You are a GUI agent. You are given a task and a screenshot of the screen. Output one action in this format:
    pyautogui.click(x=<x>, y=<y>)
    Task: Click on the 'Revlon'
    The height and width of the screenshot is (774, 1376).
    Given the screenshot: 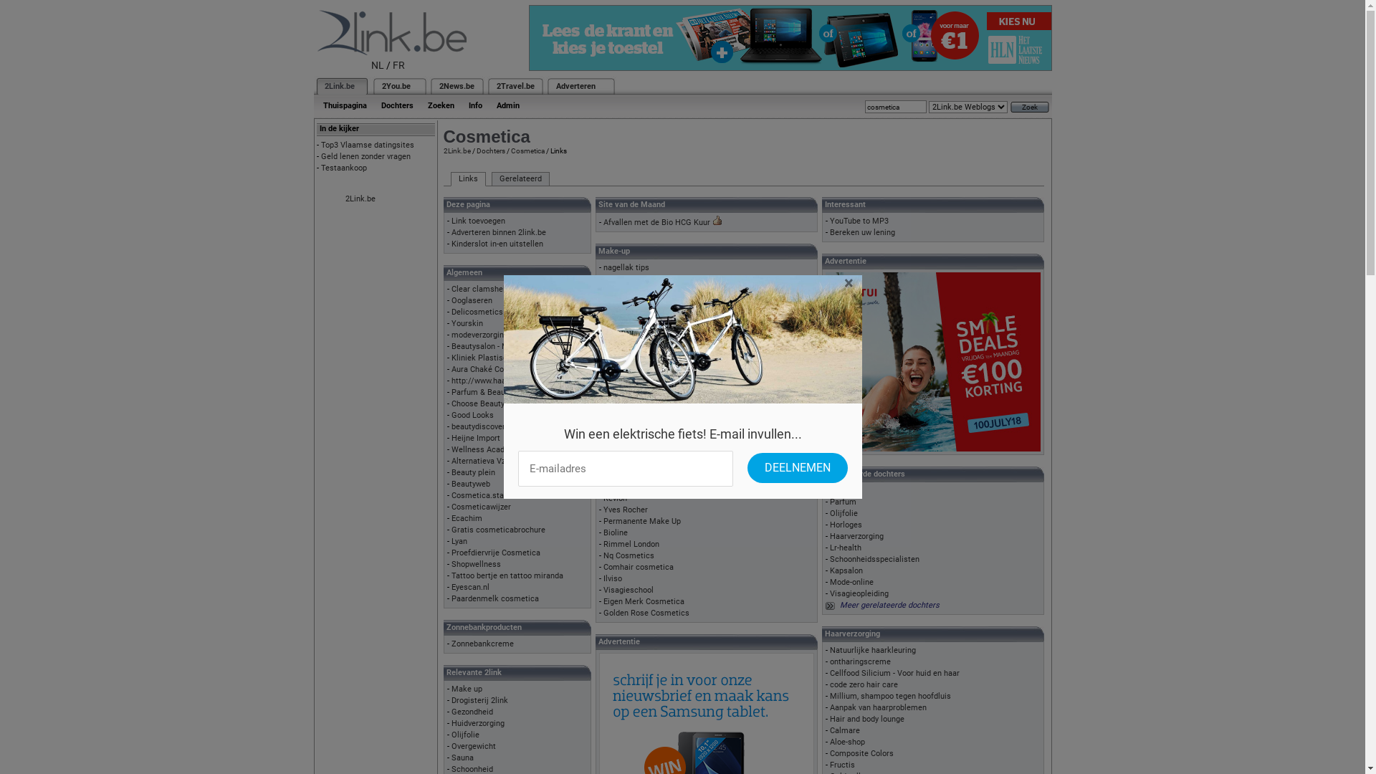 What is the action you would take?
    pyautogui.click(x=615, y=497)
    